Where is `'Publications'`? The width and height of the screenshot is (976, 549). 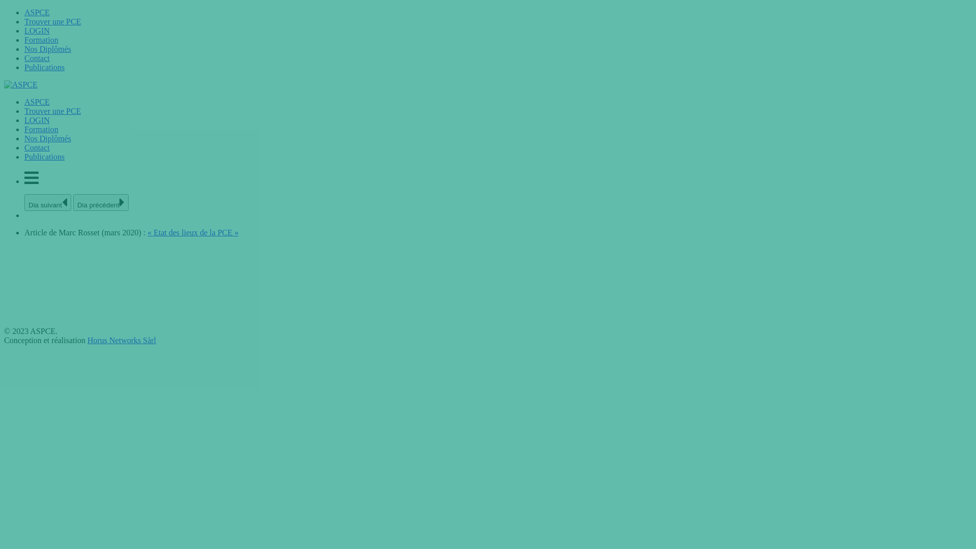 'Publications' is located at coordinates (44, 67).